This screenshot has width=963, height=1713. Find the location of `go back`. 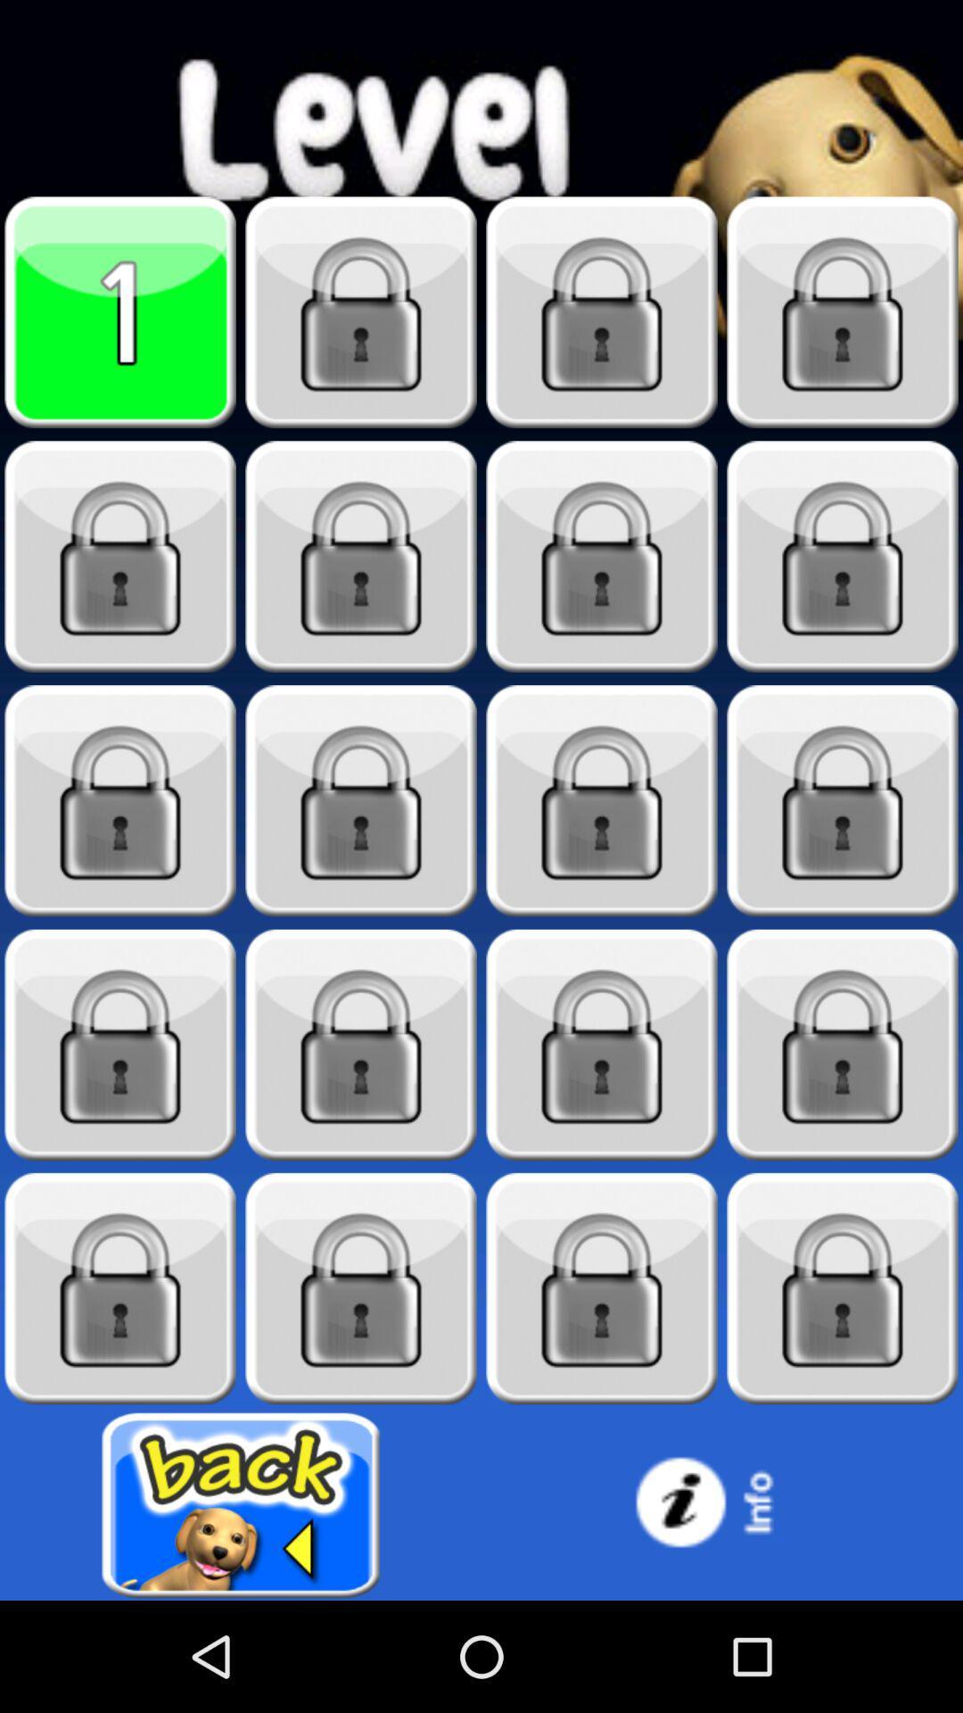

go back is located at coordinates (241, 1504).